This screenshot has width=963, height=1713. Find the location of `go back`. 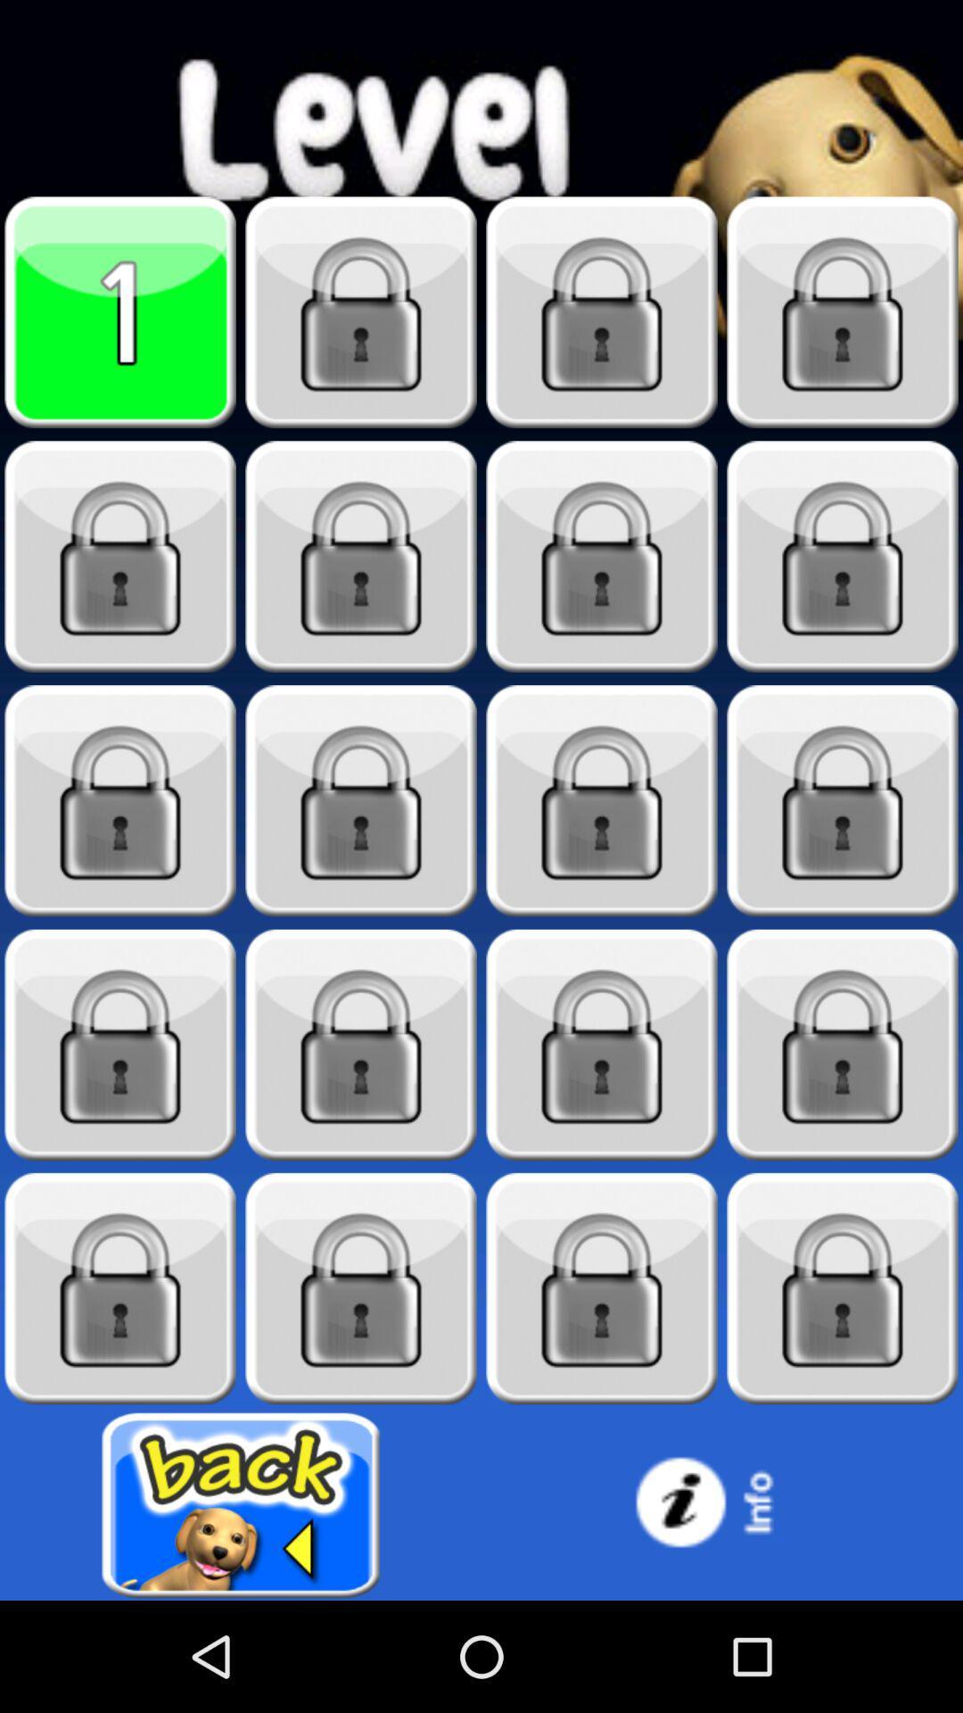

go back is located at coordinates (241, 1504).